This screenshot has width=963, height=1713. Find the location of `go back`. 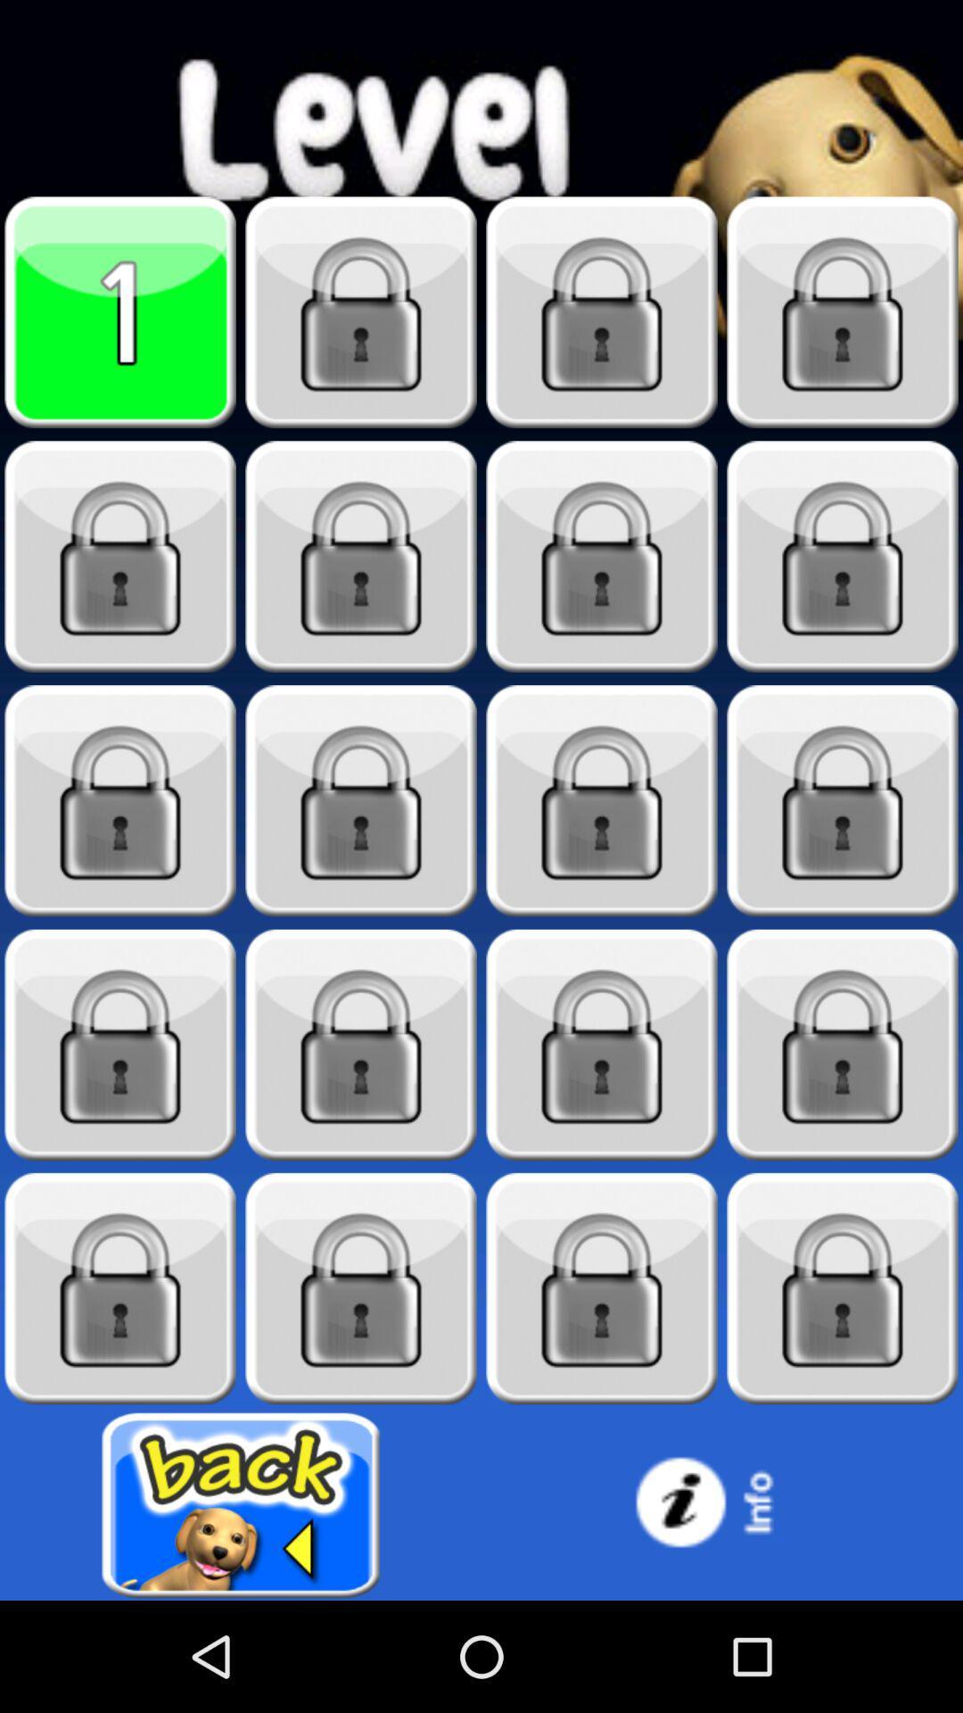

go back is located at coordinates (241, 1504).